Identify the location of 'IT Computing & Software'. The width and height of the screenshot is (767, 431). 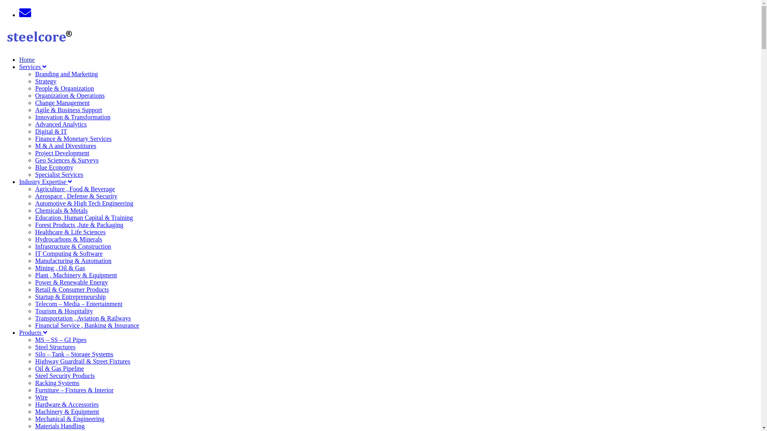
(34, 253).